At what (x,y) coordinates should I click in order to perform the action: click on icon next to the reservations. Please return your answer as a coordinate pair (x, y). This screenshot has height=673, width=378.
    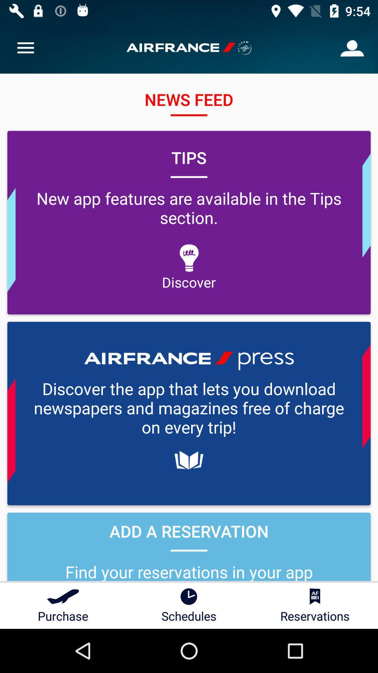
    Looking at the image, I should click on (189, 605).